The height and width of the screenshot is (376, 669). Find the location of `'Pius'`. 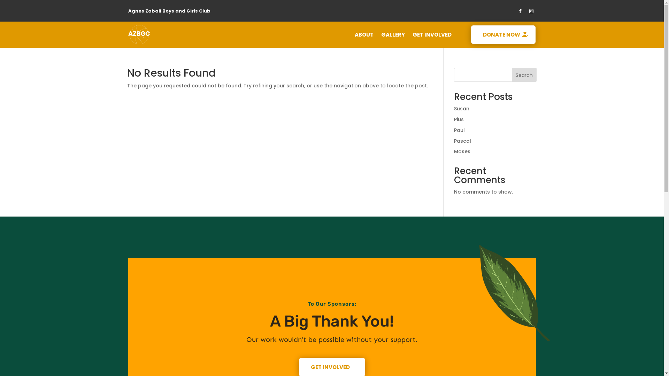

'Pius' is located at coordinates (459, 119).